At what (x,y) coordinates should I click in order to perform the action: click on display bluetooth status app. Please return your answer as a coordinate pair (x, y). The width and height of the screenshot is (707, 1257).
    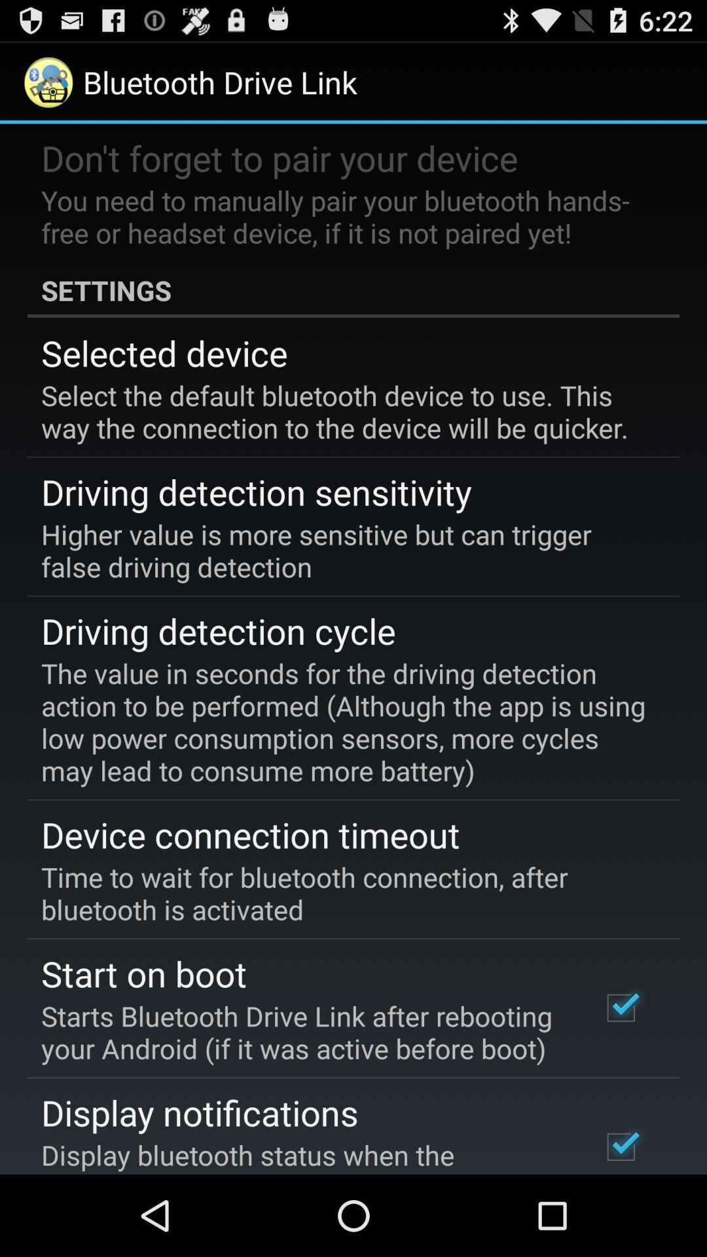
    Looking at the image, I should click on (303, 1155).